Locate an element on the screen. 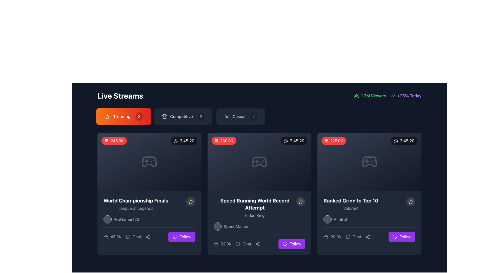 This screenshot has height=273, width=486. the static text label displaying 'Elden Ring' located in the middle card of the three-column layout in the 'Live Streams' section, beneath 'Speed Running World Record Attempt' and above the username 'SpeedMaster' is located at coordinates (255, 215).